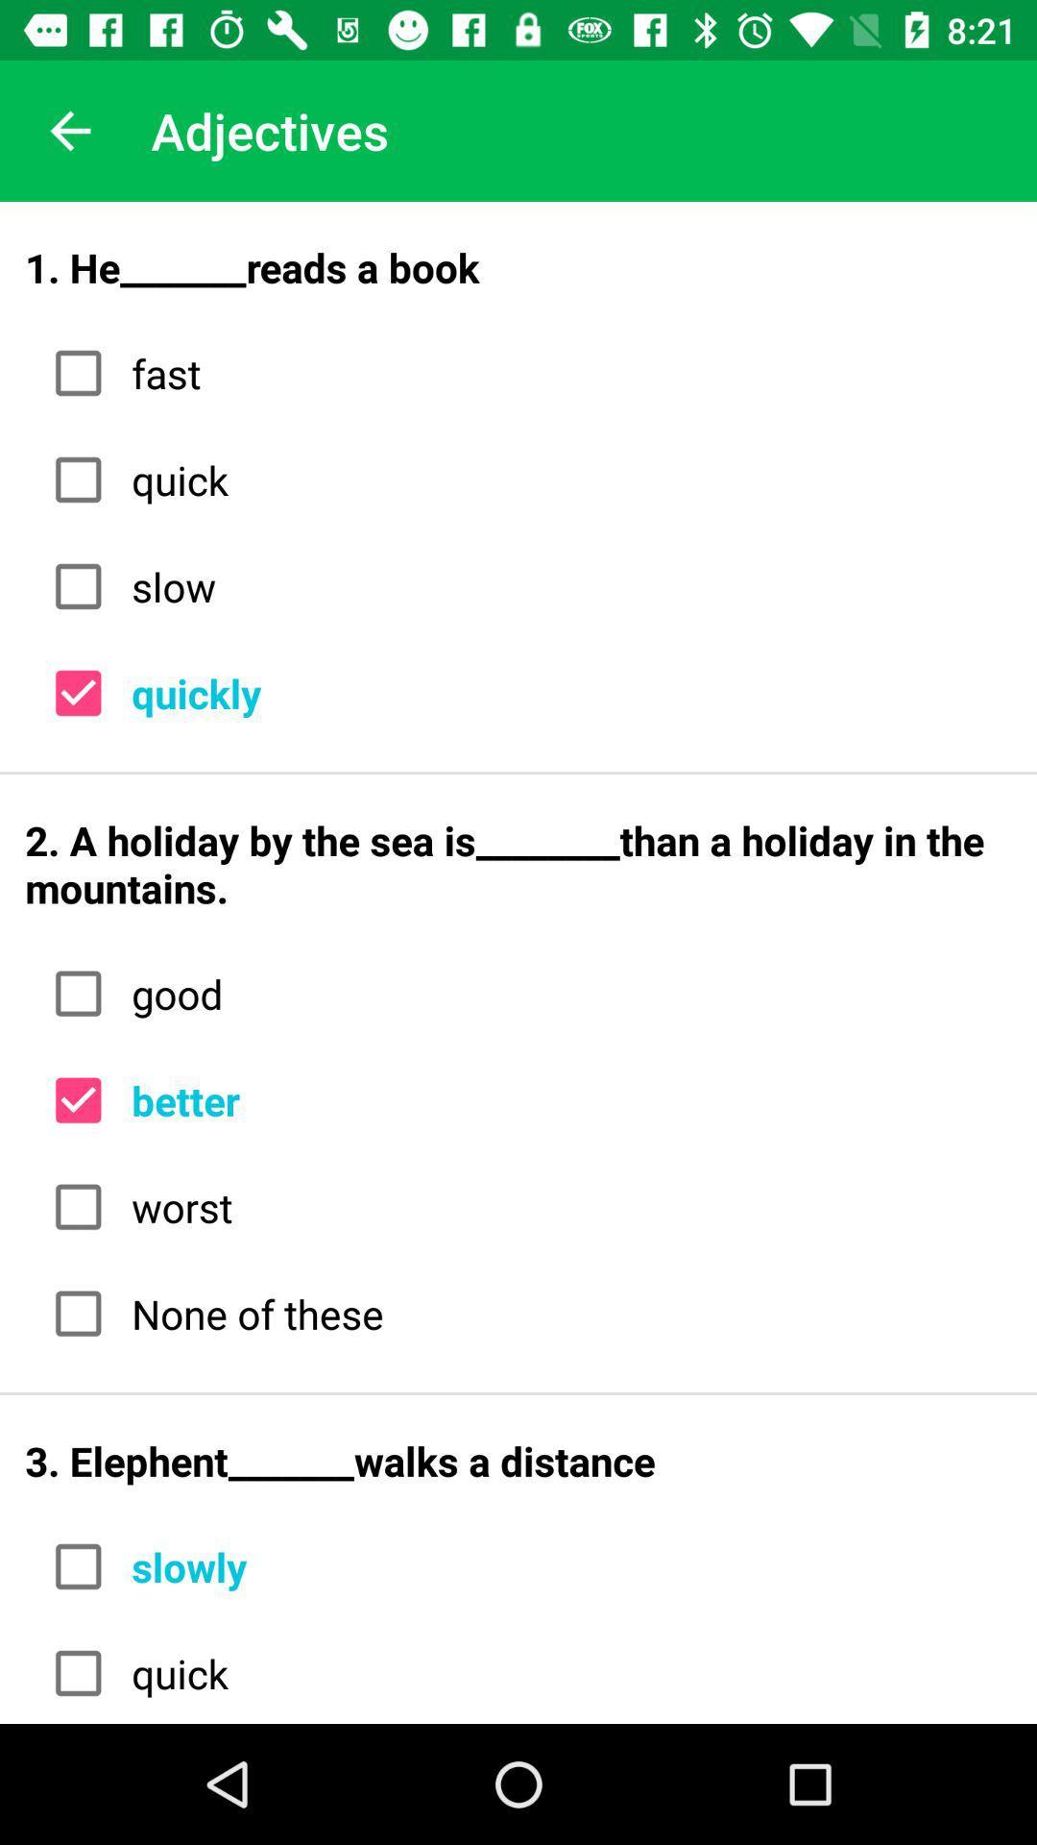 The image size is (1037, 1845). What do you see at coordinates (564, 1313) in the screenshot?
I see `the none of these` at bounding box center [564, 1313].